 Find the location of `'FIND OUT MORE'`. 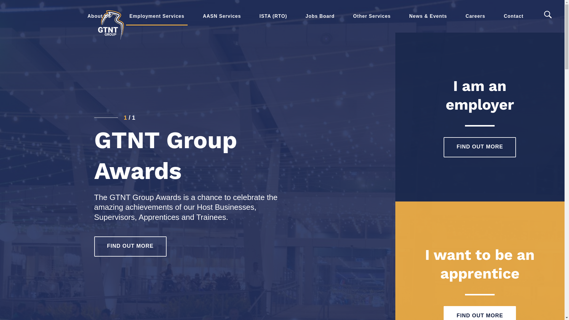

'FIND OUT MORE' is located at coordinates (480, 147).